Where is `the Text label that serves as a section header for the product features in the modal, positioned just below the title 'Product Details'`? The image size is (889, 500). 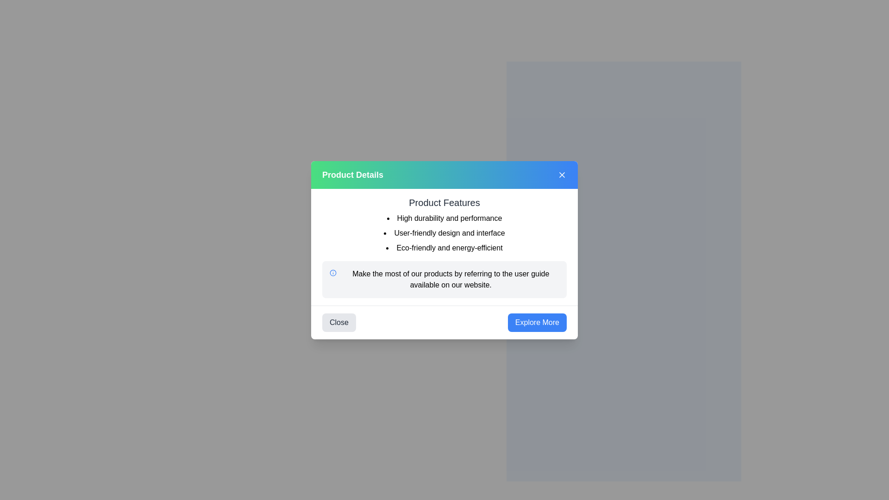
the Text label that serves as a section header for the product features in the modal, positioned just below the title 'Product Details' is located at coordinates (444, 201).